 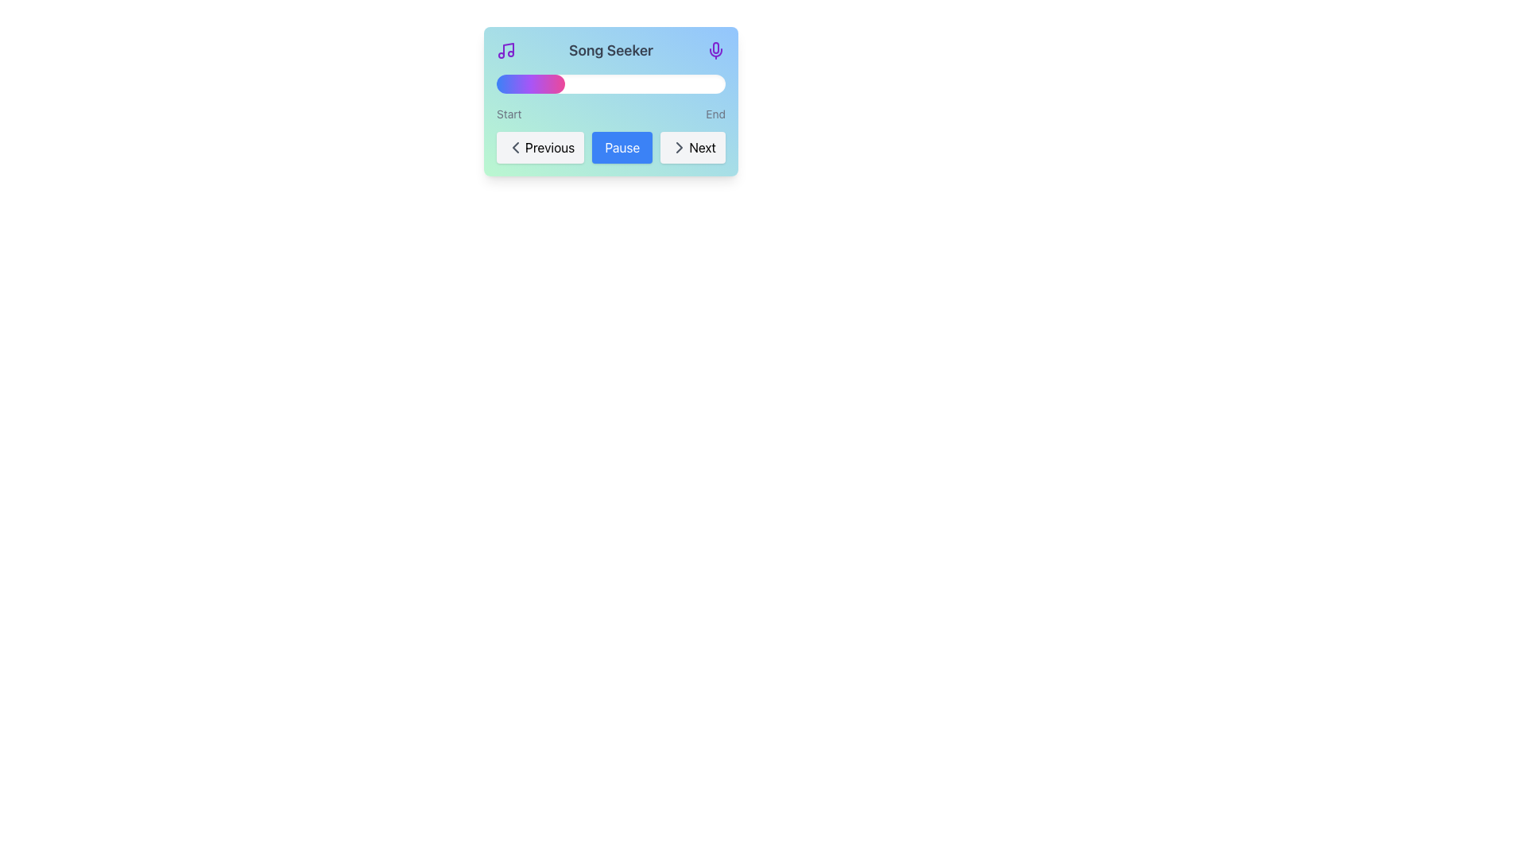 What do you see at coordinates (500, 83) in the screenshot?
I see `the slider value` at bounding box center [500, 83].